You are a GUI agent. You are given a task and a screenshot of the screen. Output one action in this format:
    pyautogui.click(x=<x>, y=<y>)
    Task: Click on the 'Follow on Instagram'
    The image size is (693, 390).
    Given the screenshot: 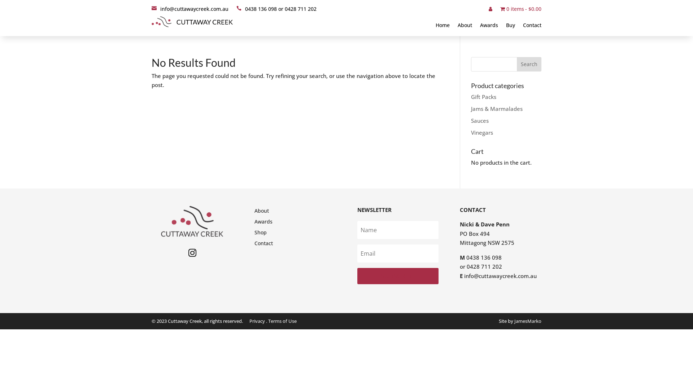 What is the action you would take?
    pyautogui.click(x=192, y=252)
    